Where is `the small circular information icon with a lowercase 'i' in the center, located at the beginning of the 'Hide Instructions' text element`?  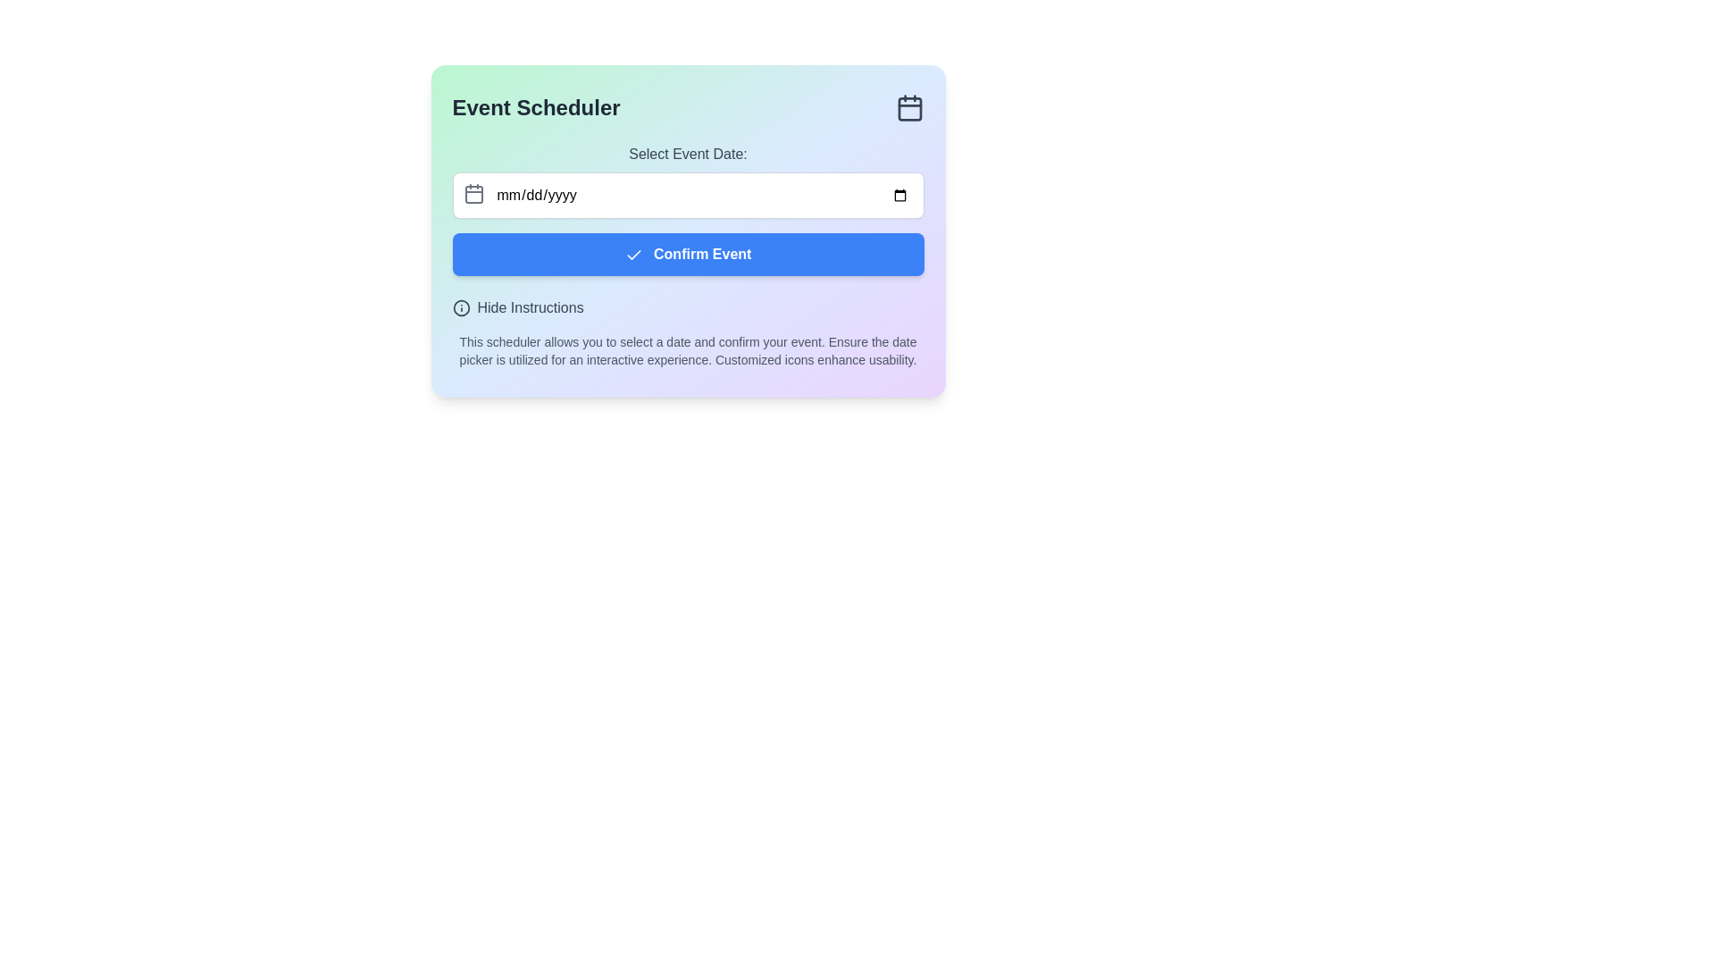 the small circular information icon with a lowercase 'i' in the center, located at the beginning of the 'Hide Instructions' text element is located at coordinates (461, 306).